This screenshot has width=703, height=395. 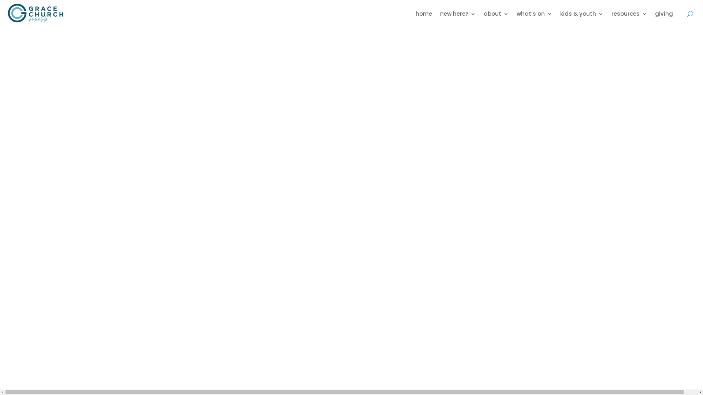 I want to click on 'resources', so click(x=629, y=14).